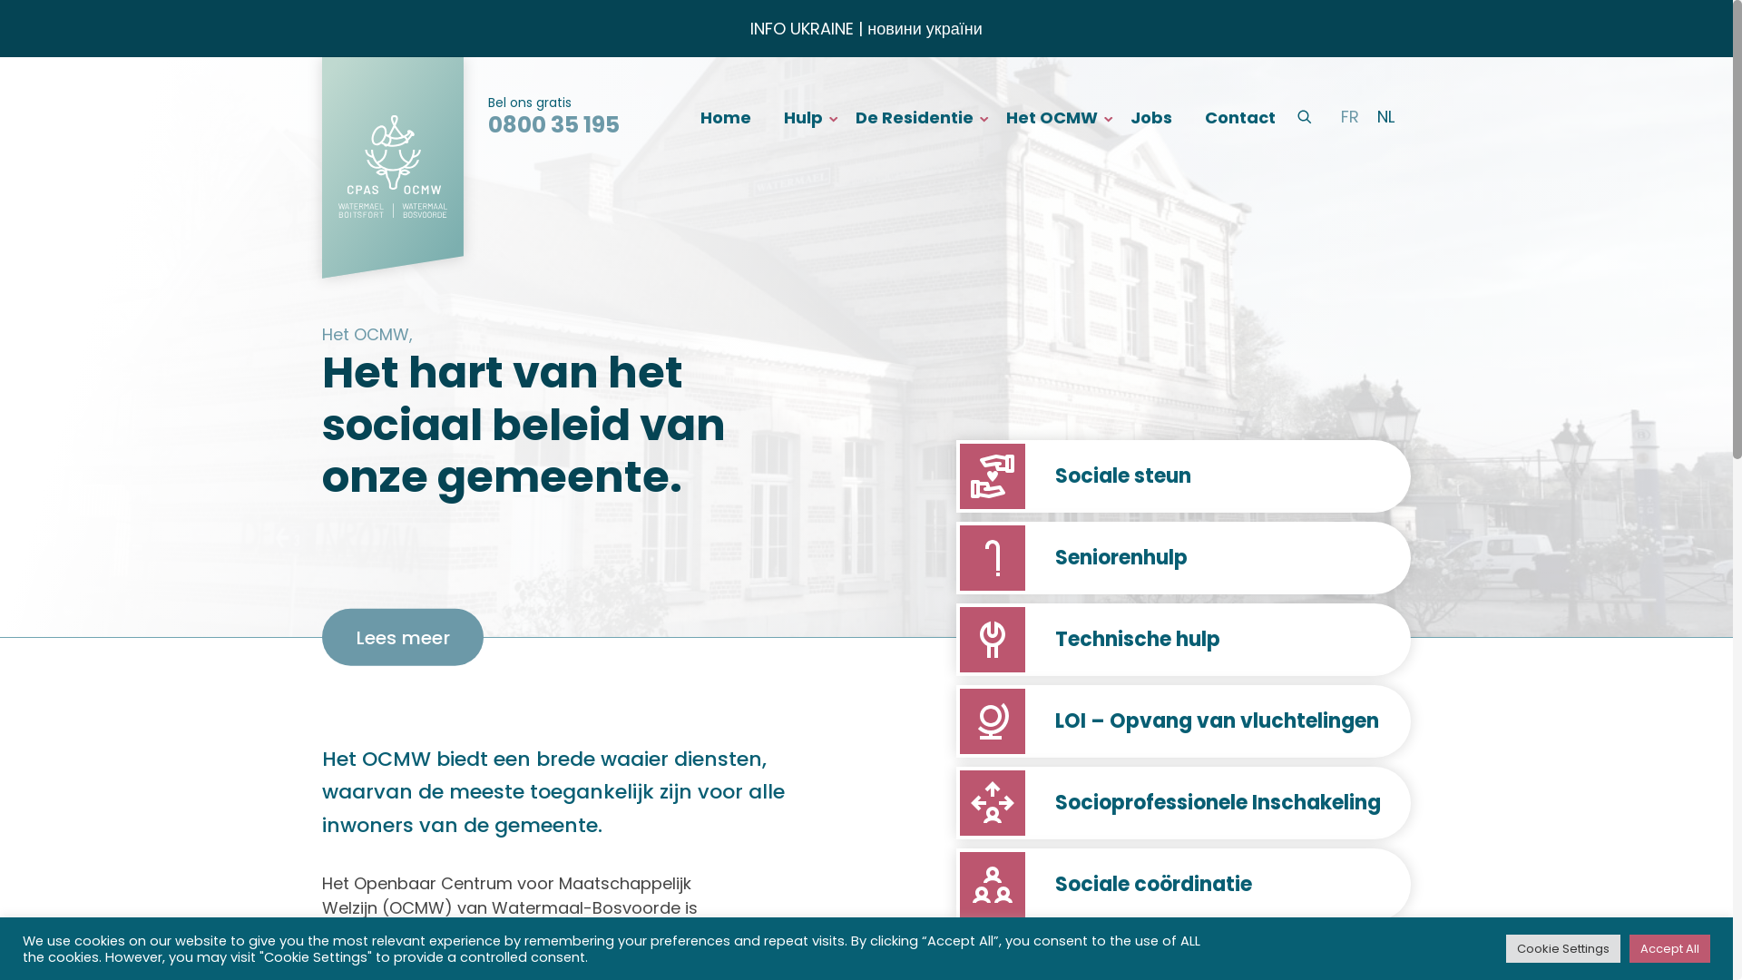  What do you see at coordinates (802, 116) in the screenshot?
I see `'Hulp'` at bounding box center [802, 116].